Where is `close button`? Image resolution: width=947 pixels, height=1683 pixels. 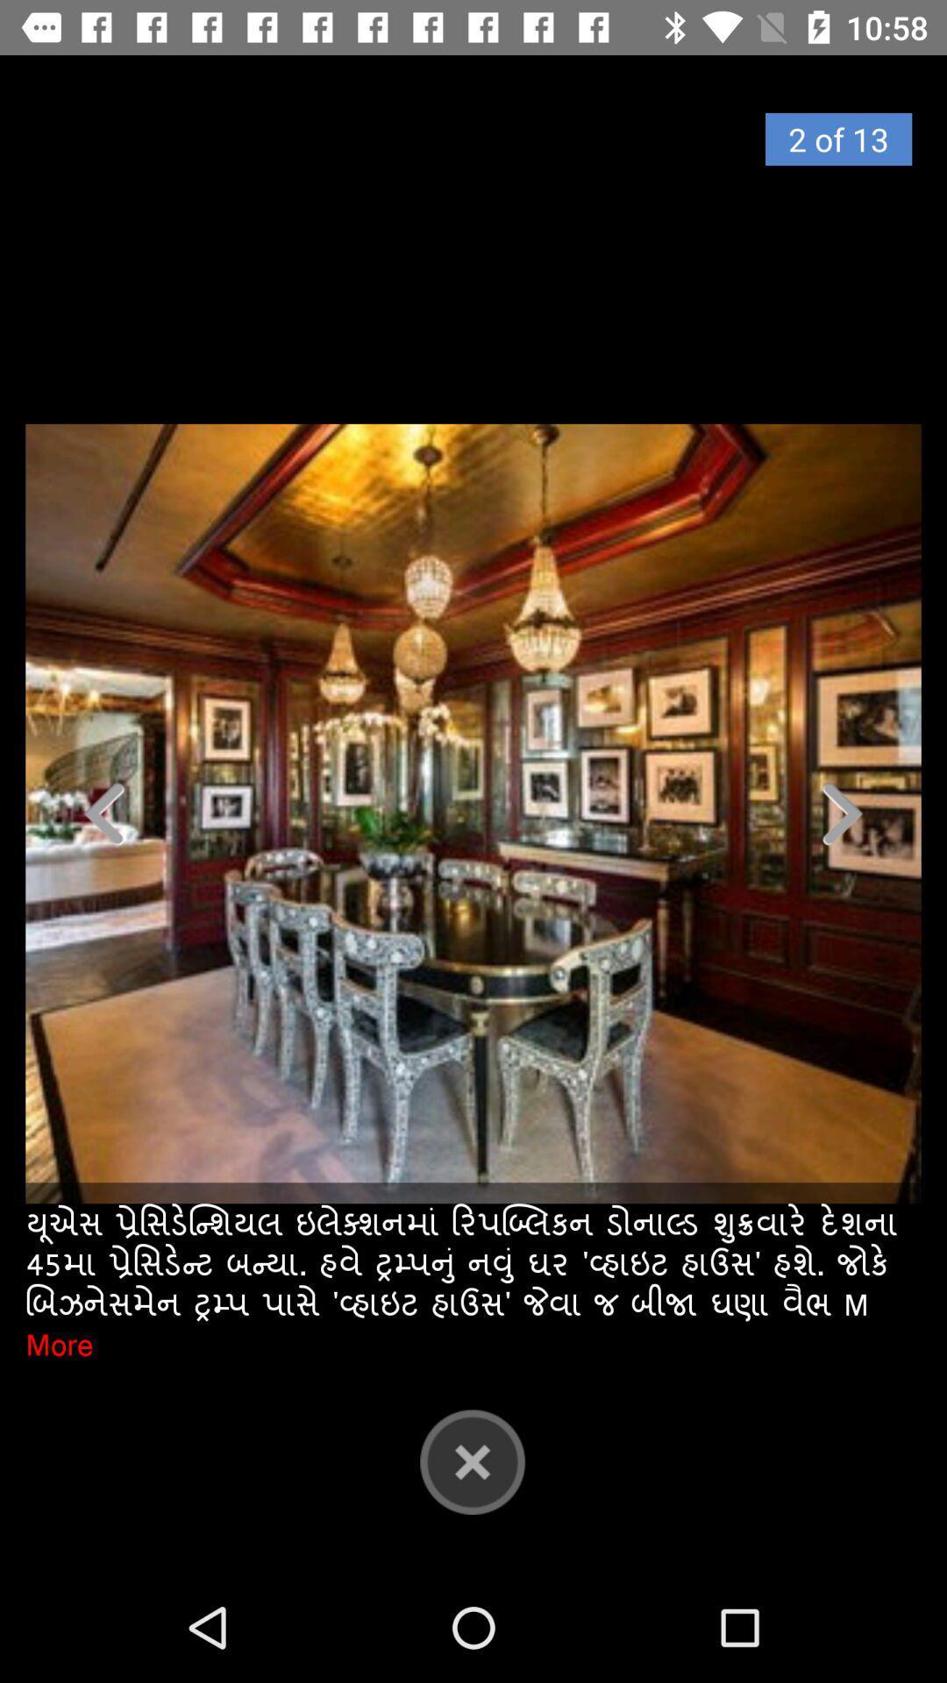
close button is located at coordinates (472, 1461).